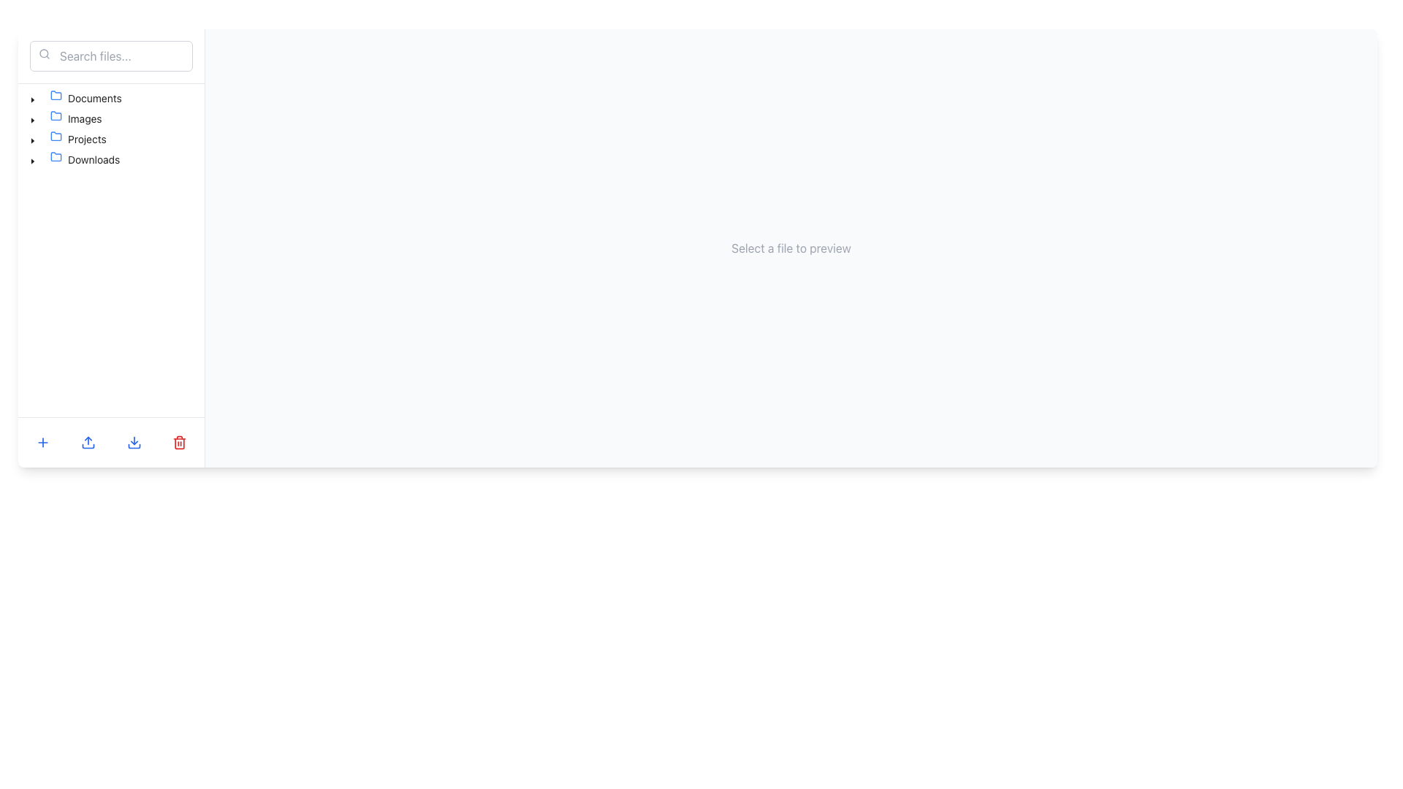  Describe the element at coordinates (94, 98) in the screenshot. I see `the text label displaying 'Documents'` at that location.